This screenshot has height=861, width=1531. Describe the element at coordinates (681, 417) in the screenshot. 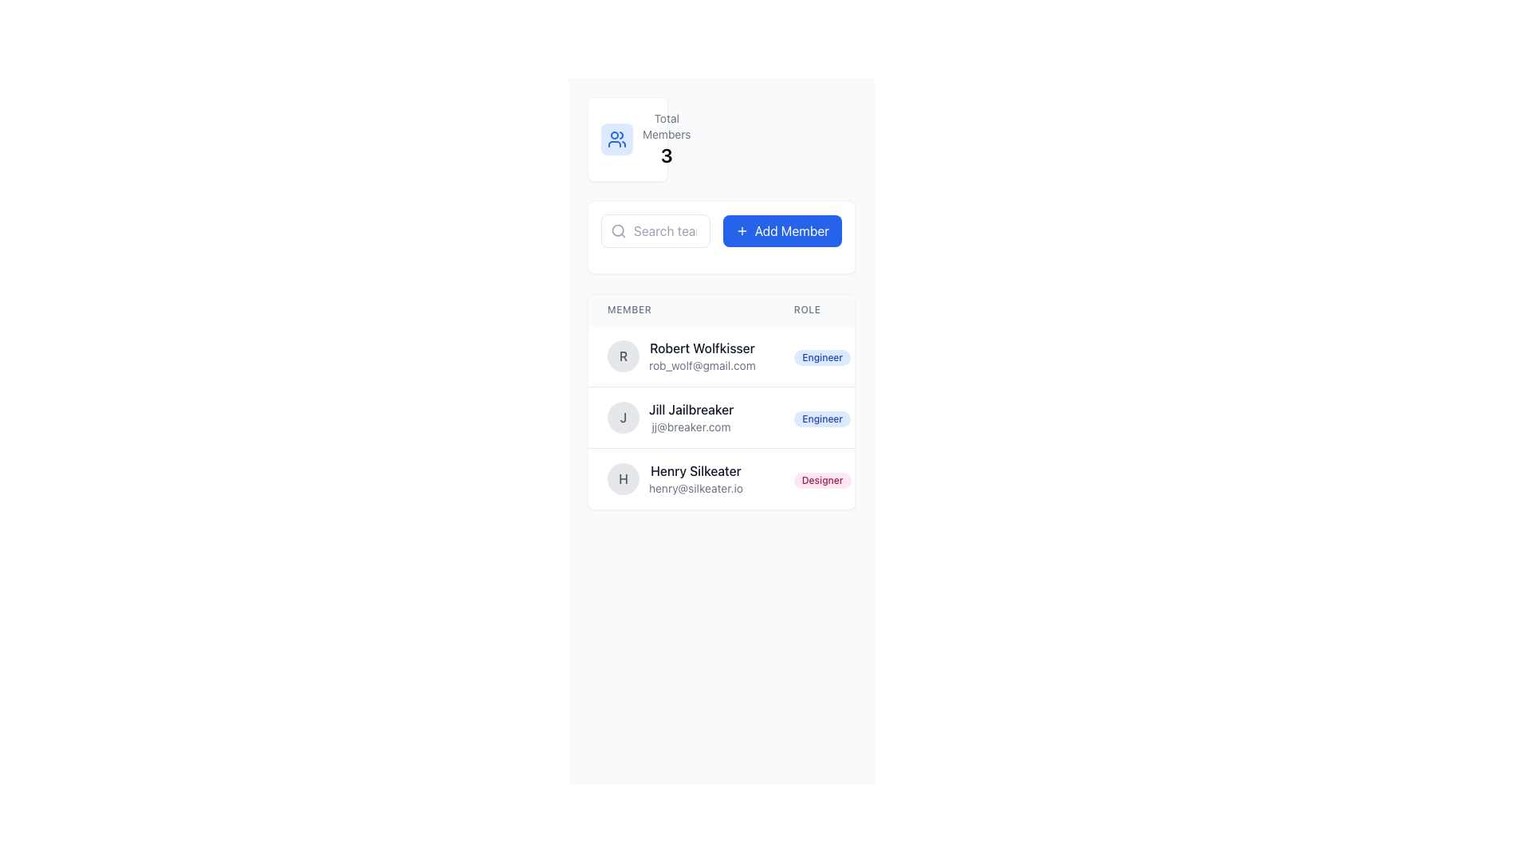

I see `the user display card for 'Jill Jailbreaker', which includes the avatar with 'J' and displays the email 'jj@breaker.com'. This card is the second in the members list below 'Robert Wolfkisser'` at that location.